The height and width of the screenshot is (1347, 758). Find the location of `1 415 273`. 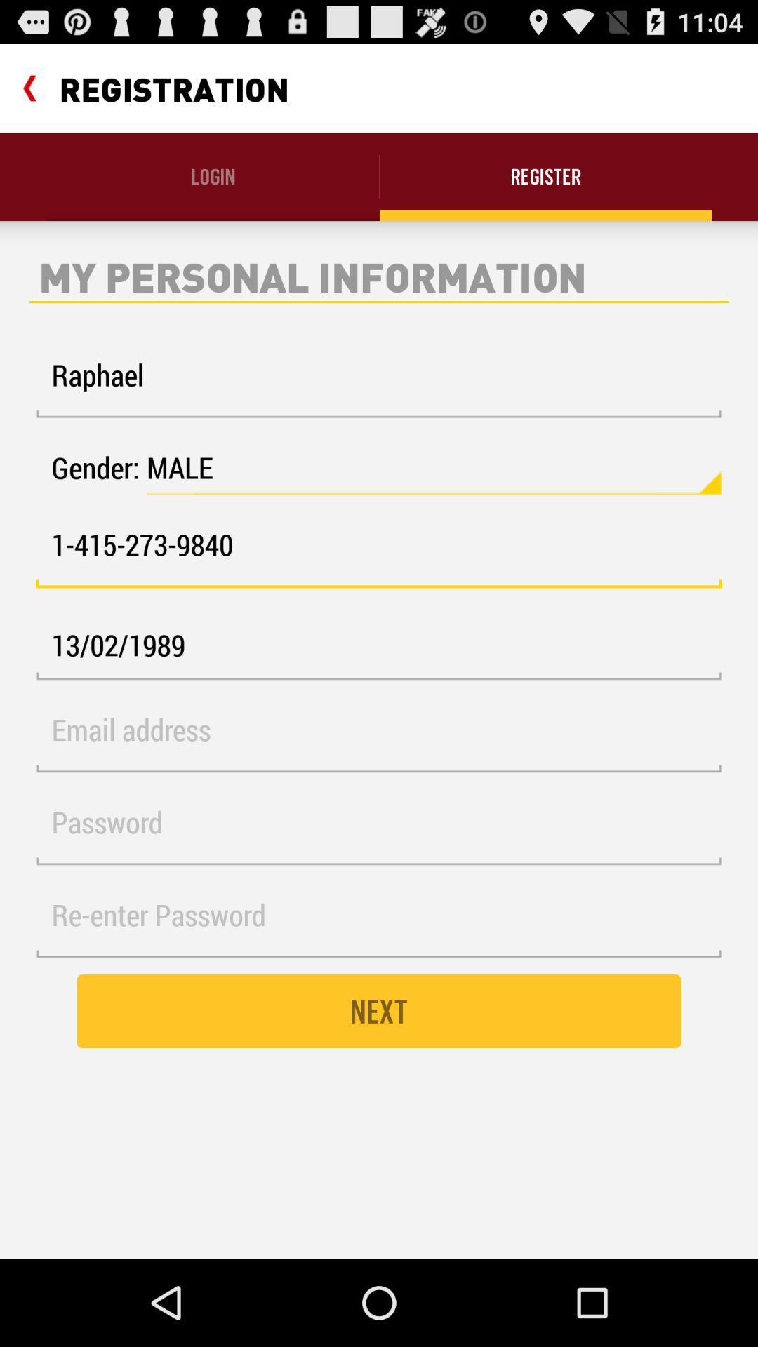

1 415 273 is located at coordinates (379, 552).